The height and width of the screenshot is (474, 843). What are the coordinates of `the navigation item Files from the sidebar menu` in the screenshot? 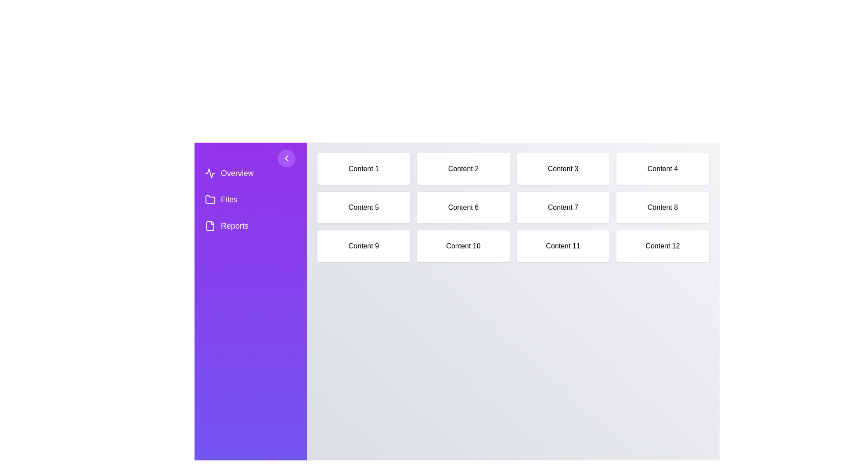 It's located at (250, 200).